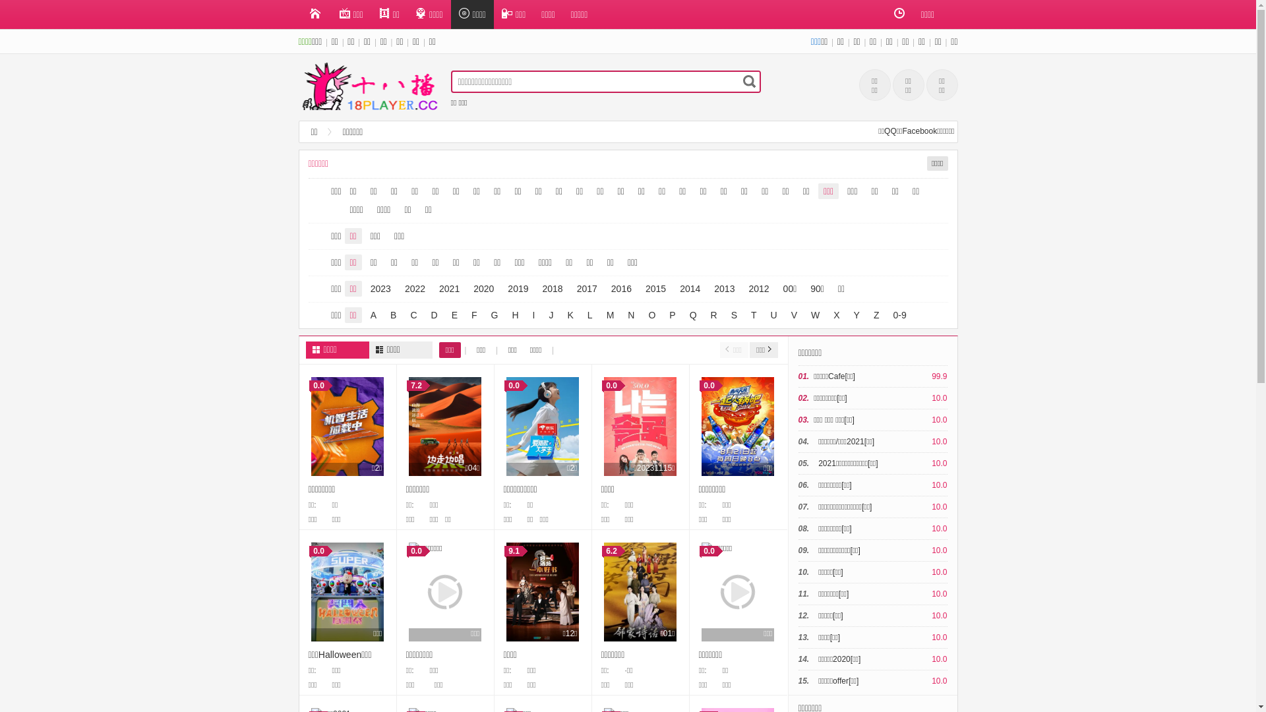  What do you see at coordinates (689, 288) in the screenshot?
I see `'2014'` at bounding box center [689, 288].